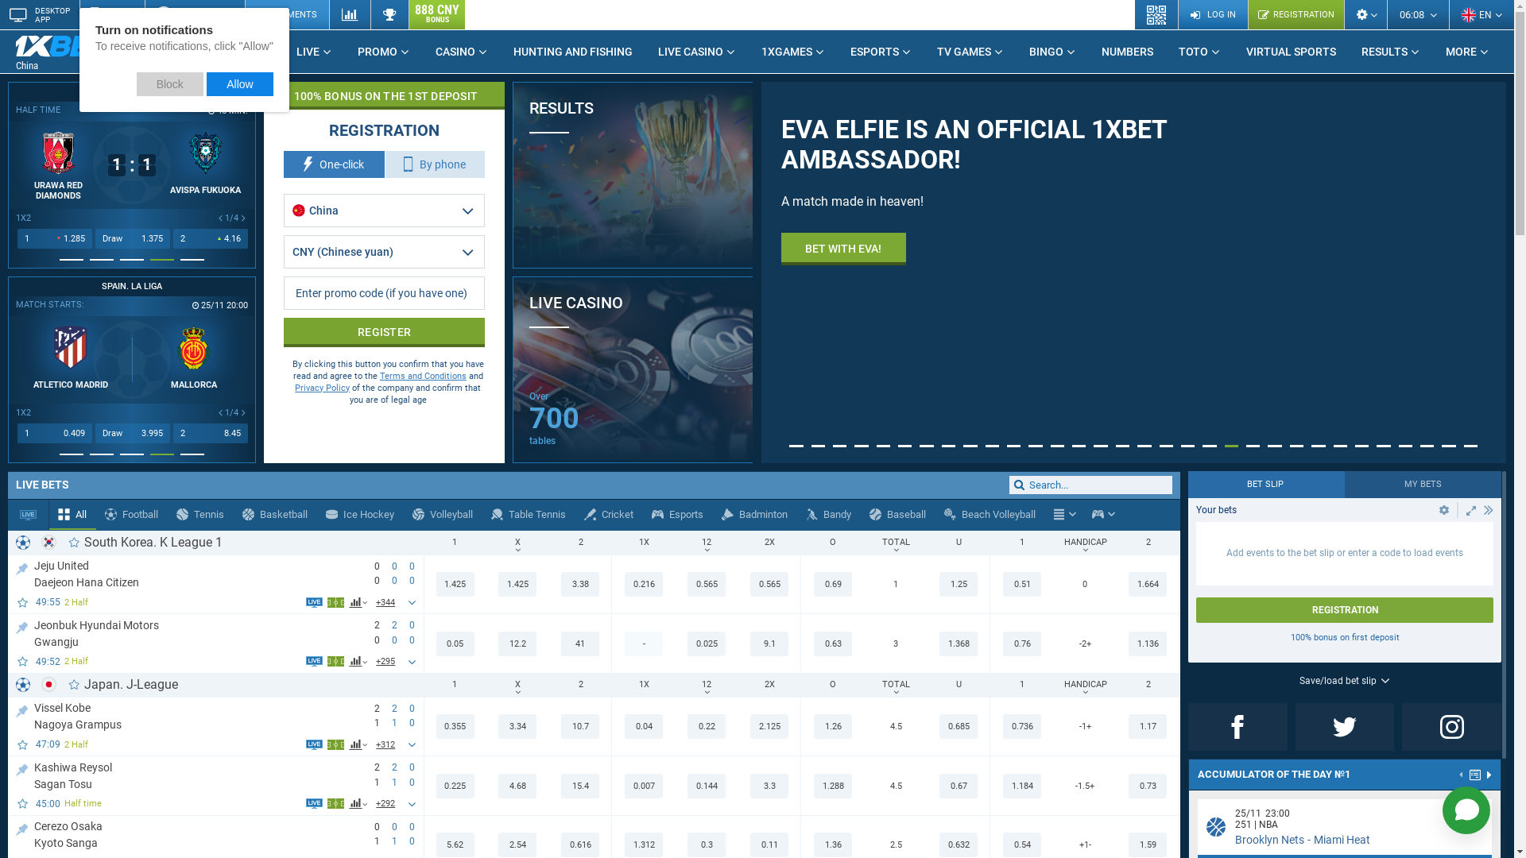 The image size is (1526, 858). What do you see at coordinates (645, 51) in the screenshot?
I see `'LIVE CASINO'` at bounding box center [645, 51].